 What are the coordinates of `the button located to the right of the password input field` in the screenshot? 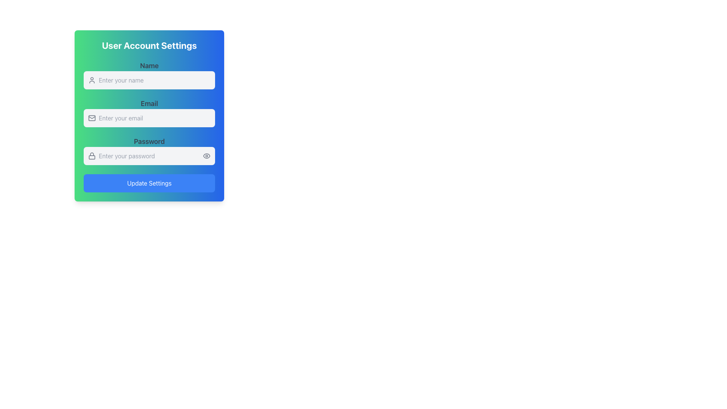 It's located at (207, 156).